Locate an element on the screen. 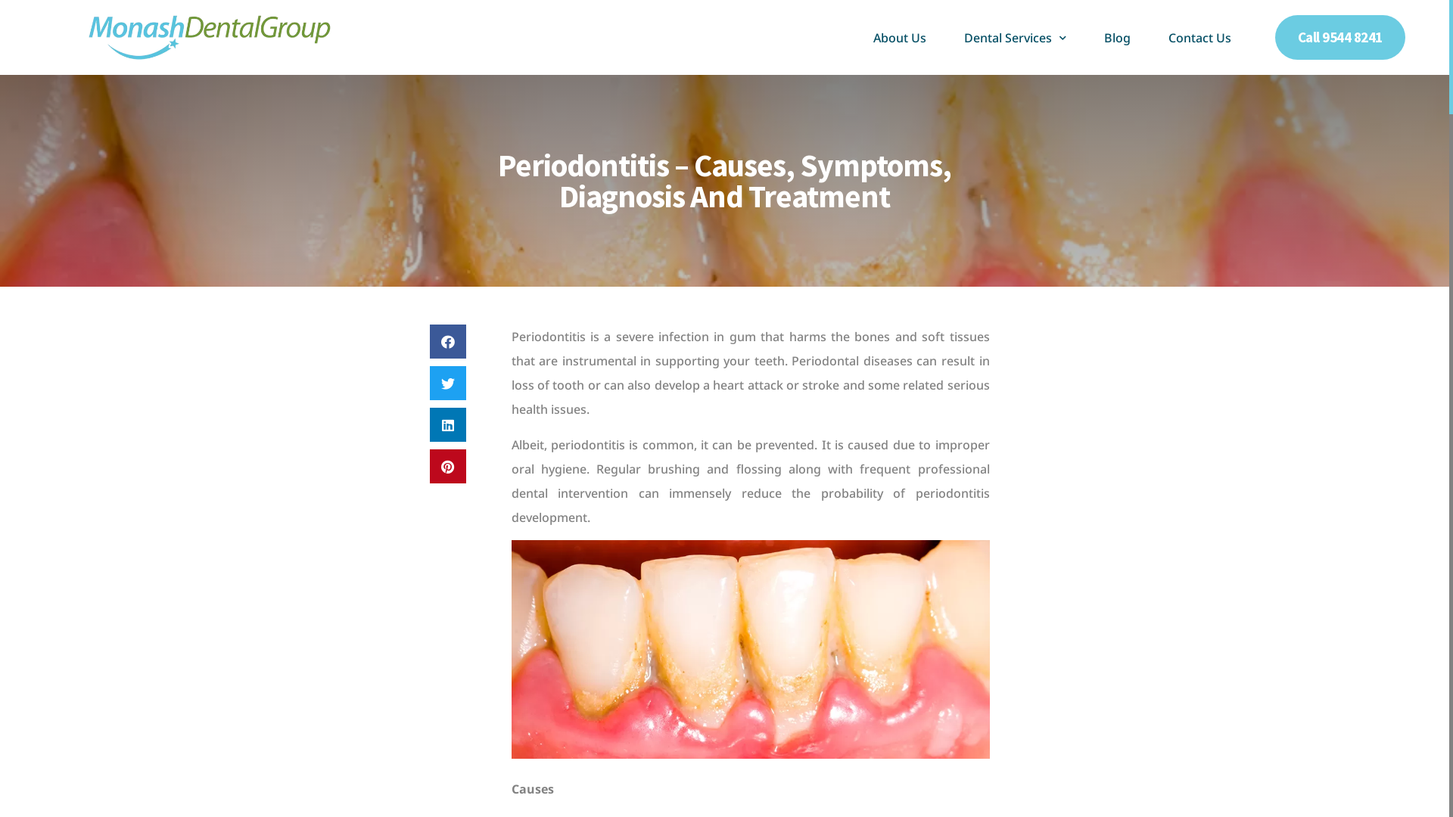 The width and height of the screenshot is (1453, 817). 'About Us' is located at coordinates (900, 37).